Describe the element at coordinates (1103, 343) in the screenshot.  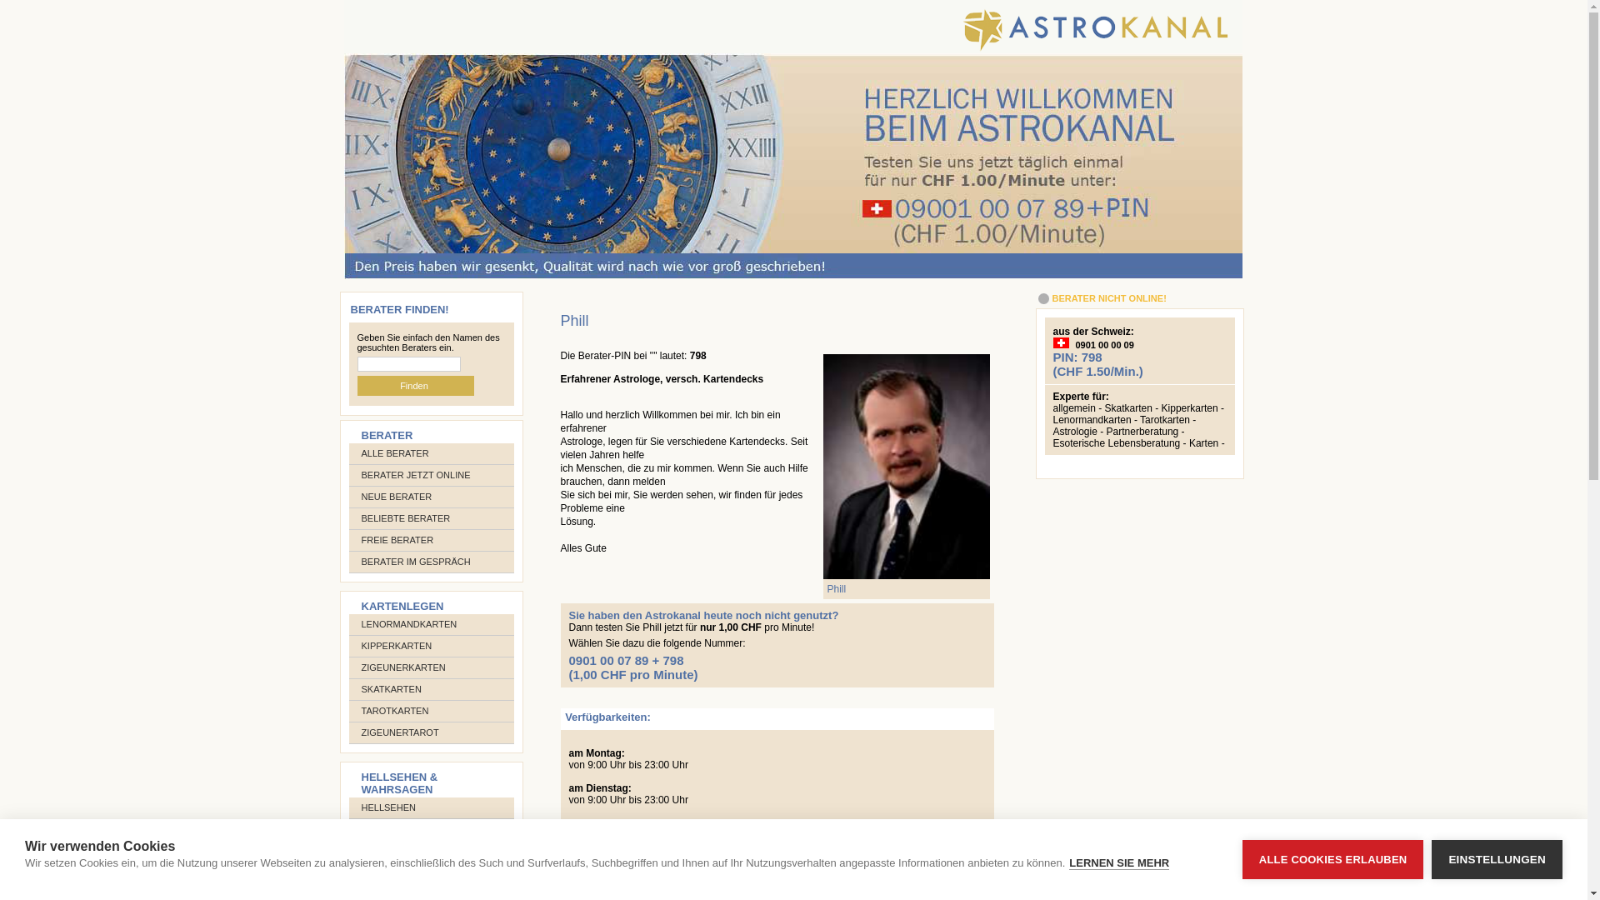
I see `'0901 00 00 09'` at that location.